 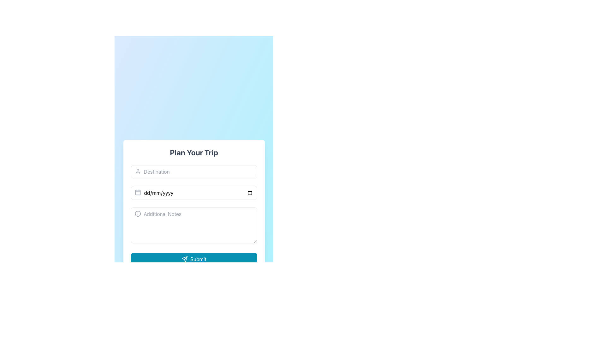 I want to click on the circular SVG icon located to the left of the 'Additional Notes' label in the third input field, so click(x=137, y=213).